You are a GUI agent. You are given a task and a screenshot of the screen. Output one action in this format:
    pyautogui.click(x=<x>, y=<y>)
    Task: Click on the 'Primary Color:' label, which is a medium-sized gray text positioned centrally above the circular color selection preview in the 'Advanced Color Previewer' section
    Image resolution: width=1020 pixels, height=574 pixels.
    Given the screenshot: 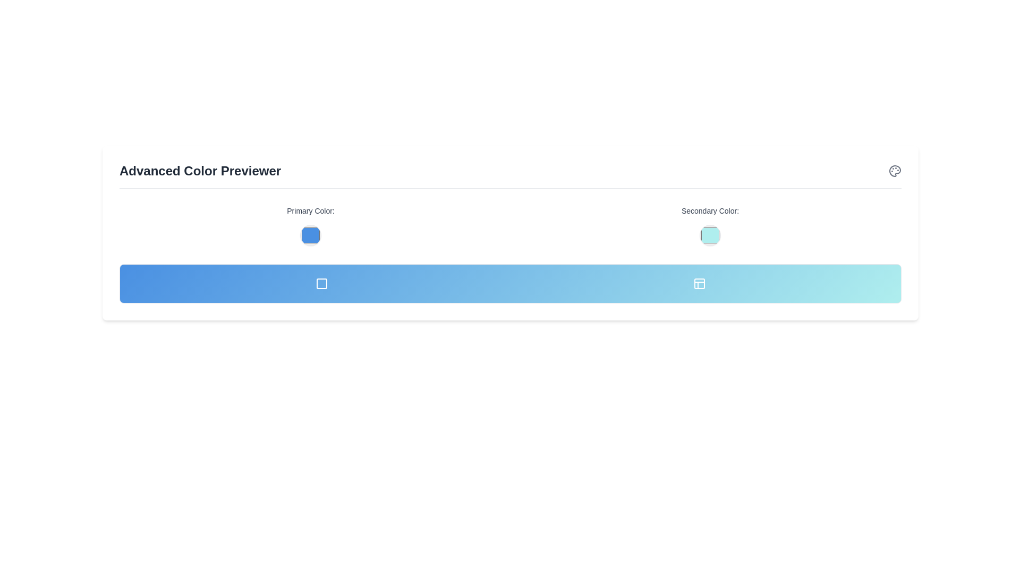 What is the action you would take?
    pyautogui.click(x=310, y=211)
    